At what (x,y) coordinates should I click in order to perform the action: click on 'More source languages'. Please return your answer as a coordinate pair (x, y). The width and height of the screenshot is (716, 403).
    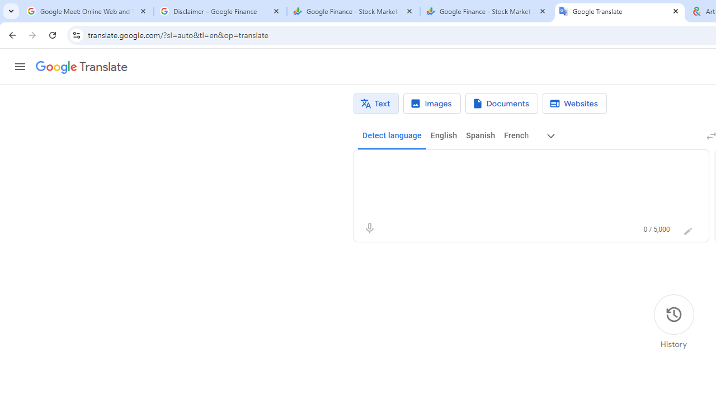
    Looking at the image, I should click on (551, 135).